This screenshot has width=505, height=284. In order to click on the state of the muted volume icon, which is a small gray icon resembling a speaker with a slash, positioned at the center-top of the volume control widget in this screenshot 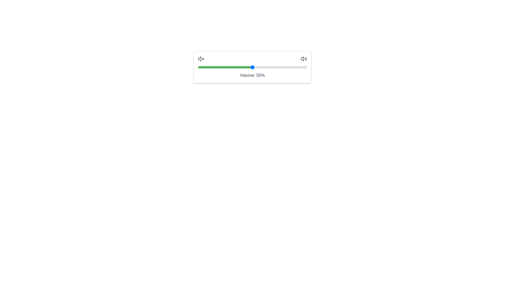, I will do `click(199, 59)`.